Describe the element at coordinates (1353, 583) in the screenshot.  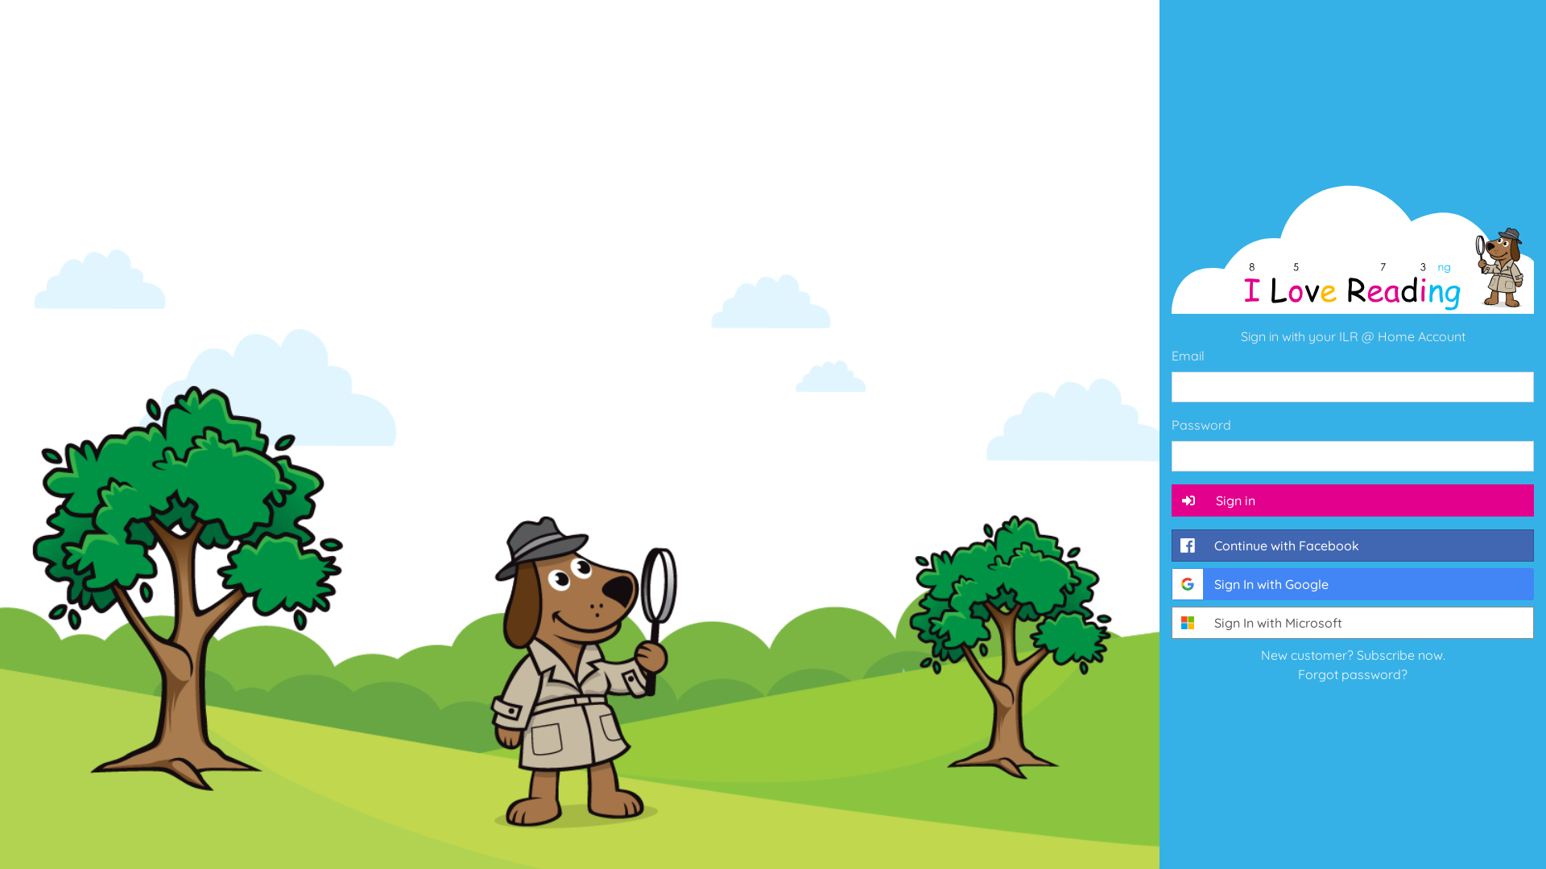
I see `'Sign In with Google'` at that location.